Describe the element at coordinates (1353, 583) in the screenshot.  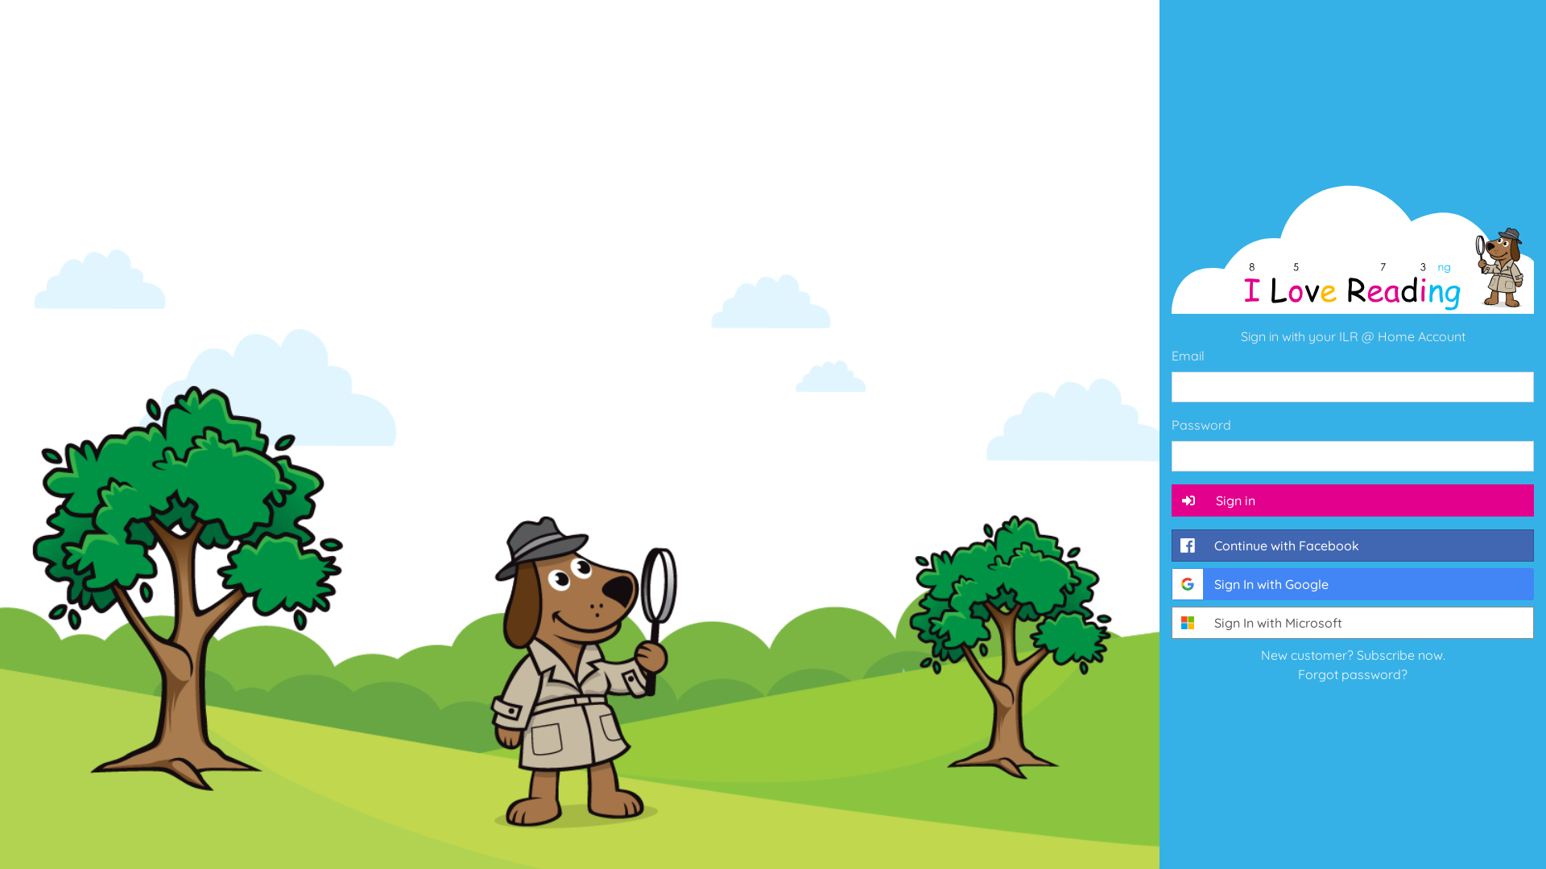
I see `'Sign In with Google'` at that location.